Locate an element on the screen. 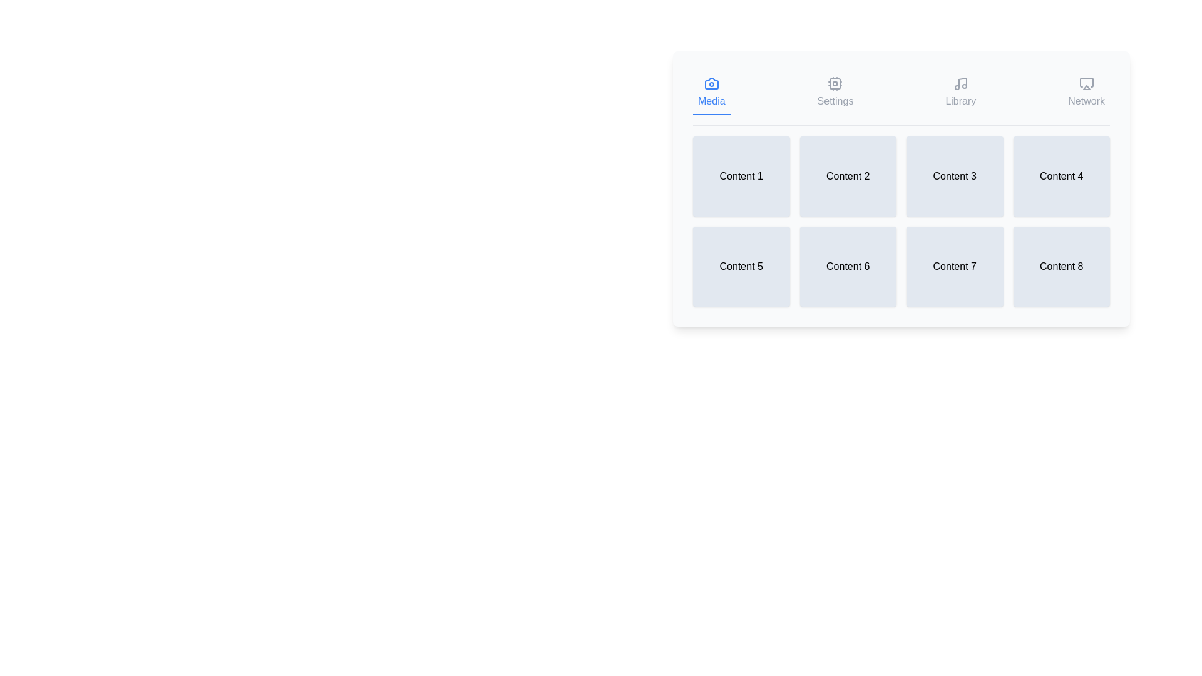 The image size is (1202, 676). the tab labeled Media is located at coordinates (711, 93).